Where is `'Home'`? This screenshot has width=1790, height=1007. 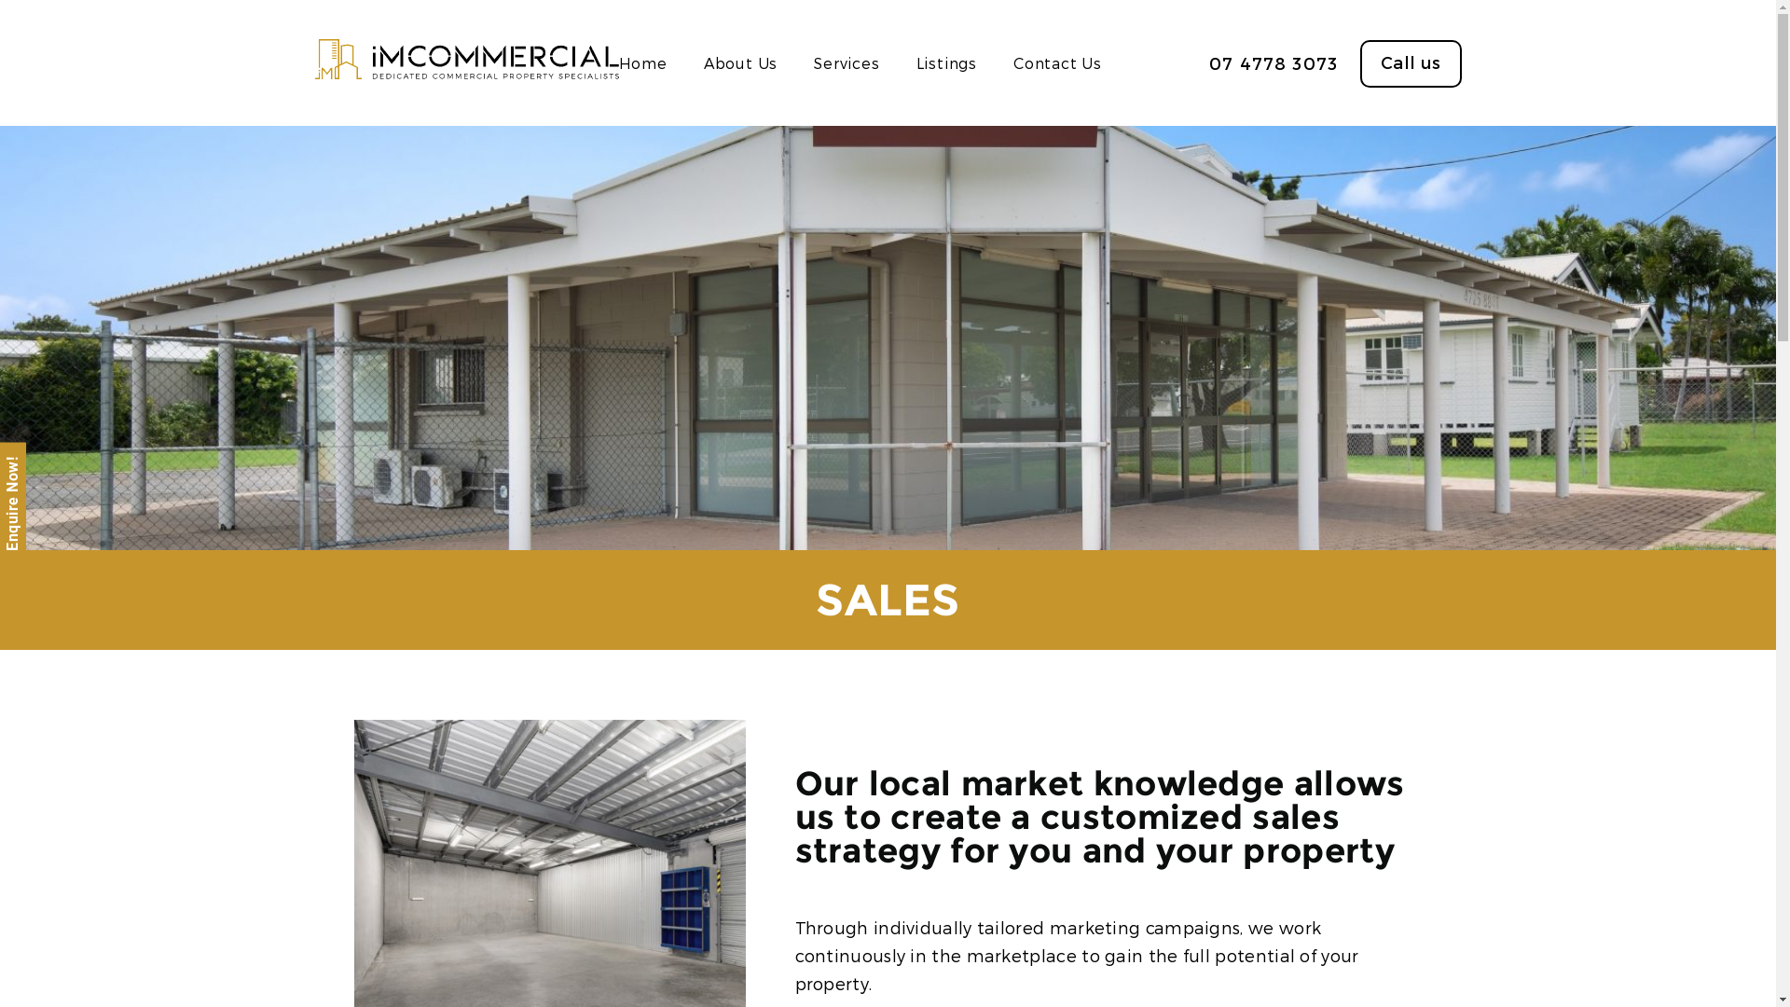 'Home' is located at coordinates (643, 62).